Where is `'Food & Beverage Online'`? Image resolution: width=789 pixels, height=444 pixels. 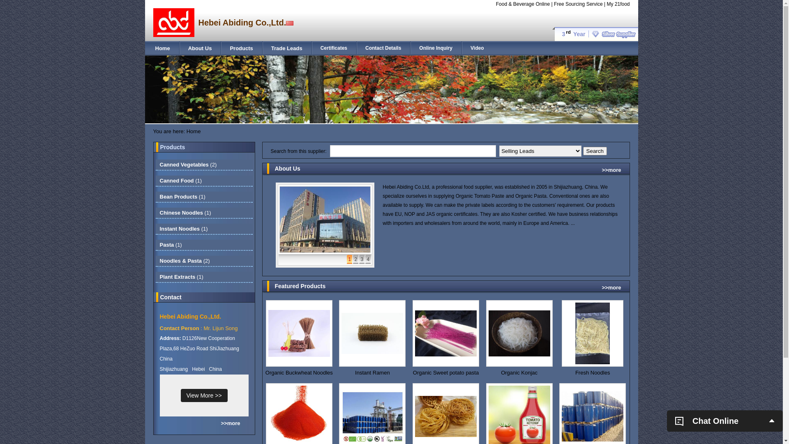 'Food & Beverage Online' is located at coordinates (522, 4).